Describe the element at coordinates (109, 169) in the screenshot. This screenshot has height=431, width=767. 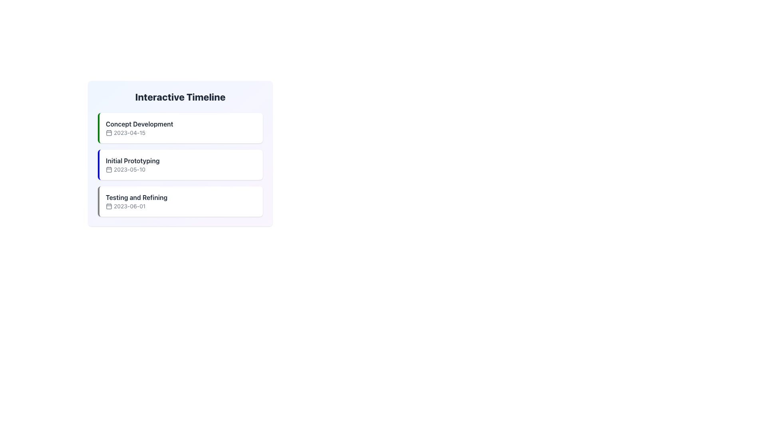
I see `the calendar icon located next to the date '2023-05-10' in the 'Interactive Timeline' list` at that location.